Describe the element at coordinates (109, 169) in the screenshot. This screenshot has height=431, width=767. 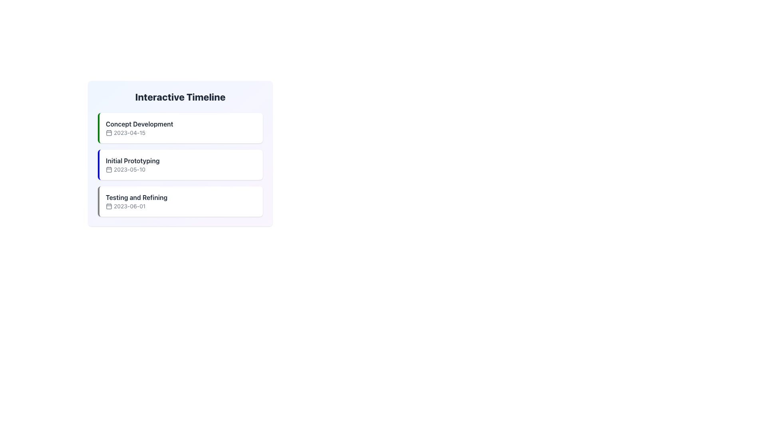
I see `the calendar icon located next to the date '2023-05-10' in the 'Interactive Timeline' list` at that location.